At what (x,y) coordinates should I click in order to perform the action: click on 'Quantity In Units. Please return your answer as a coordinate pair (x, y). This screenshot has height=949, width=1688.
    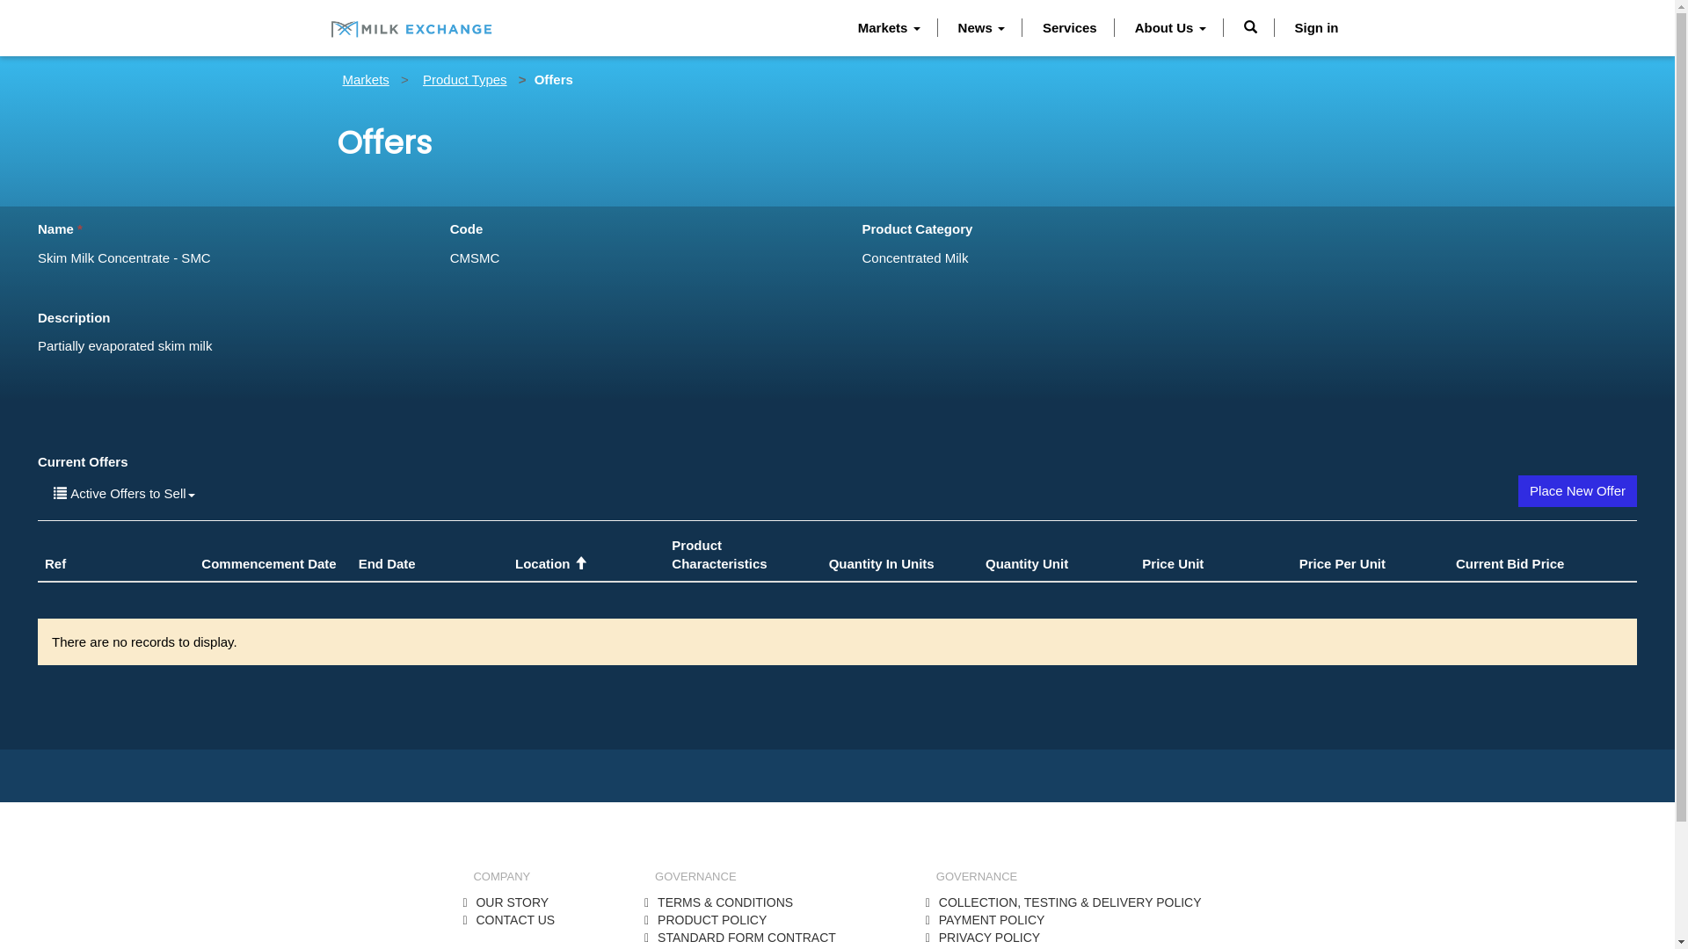
    Looking at the image, I should click on (882, 563).